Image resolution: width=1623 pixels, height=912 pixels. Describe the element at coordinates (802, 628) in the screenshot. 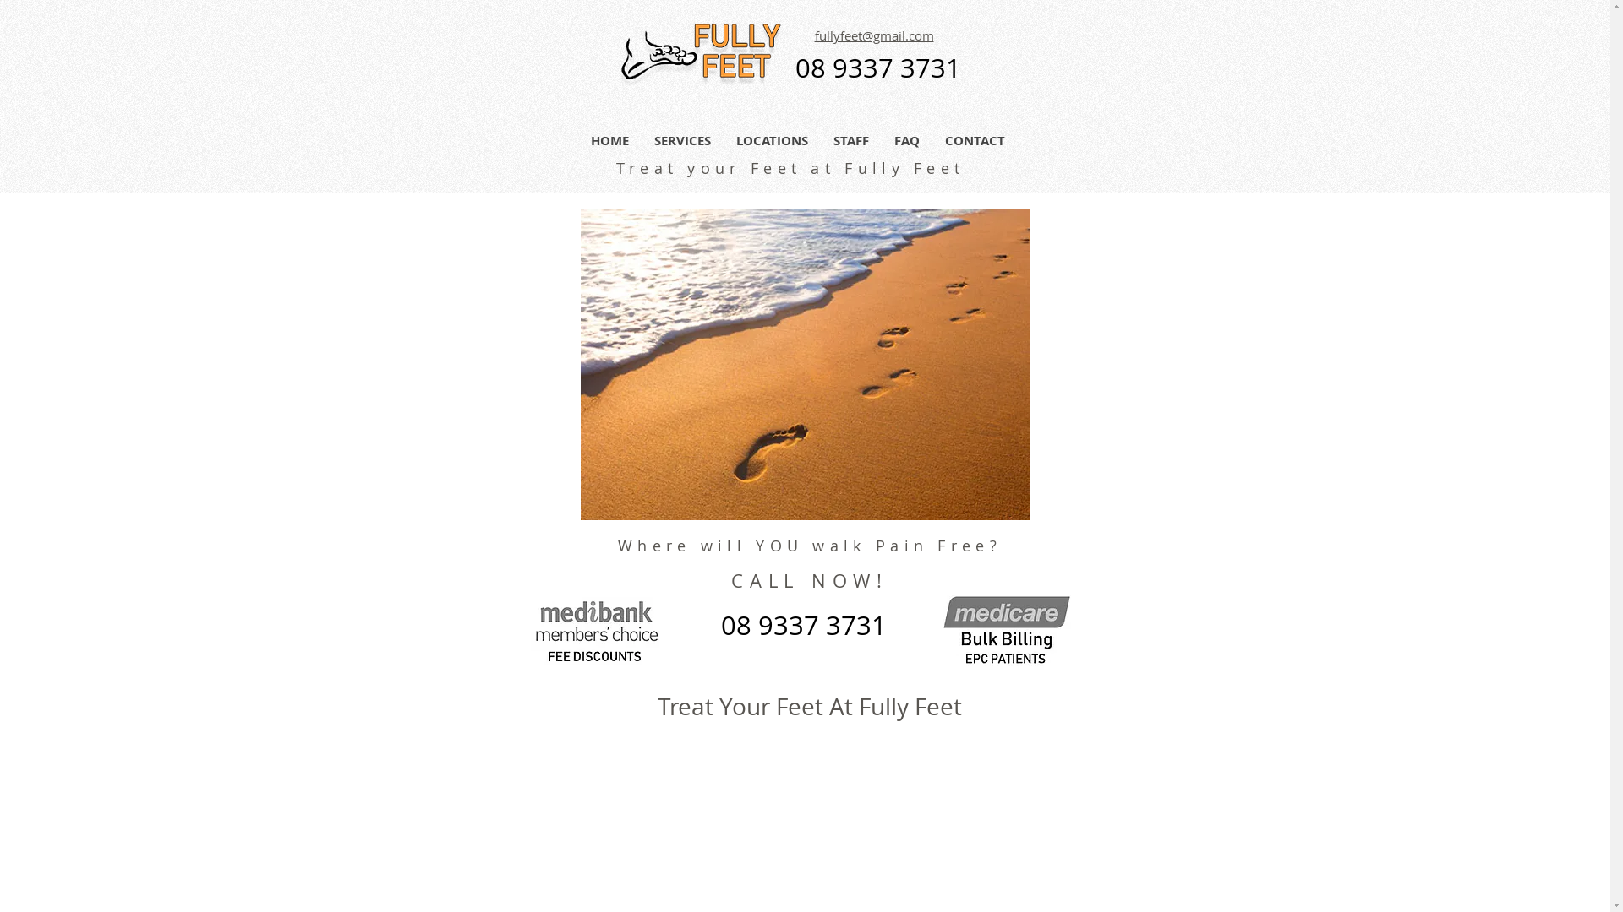

I see `'08 9337 3731'` at that location.